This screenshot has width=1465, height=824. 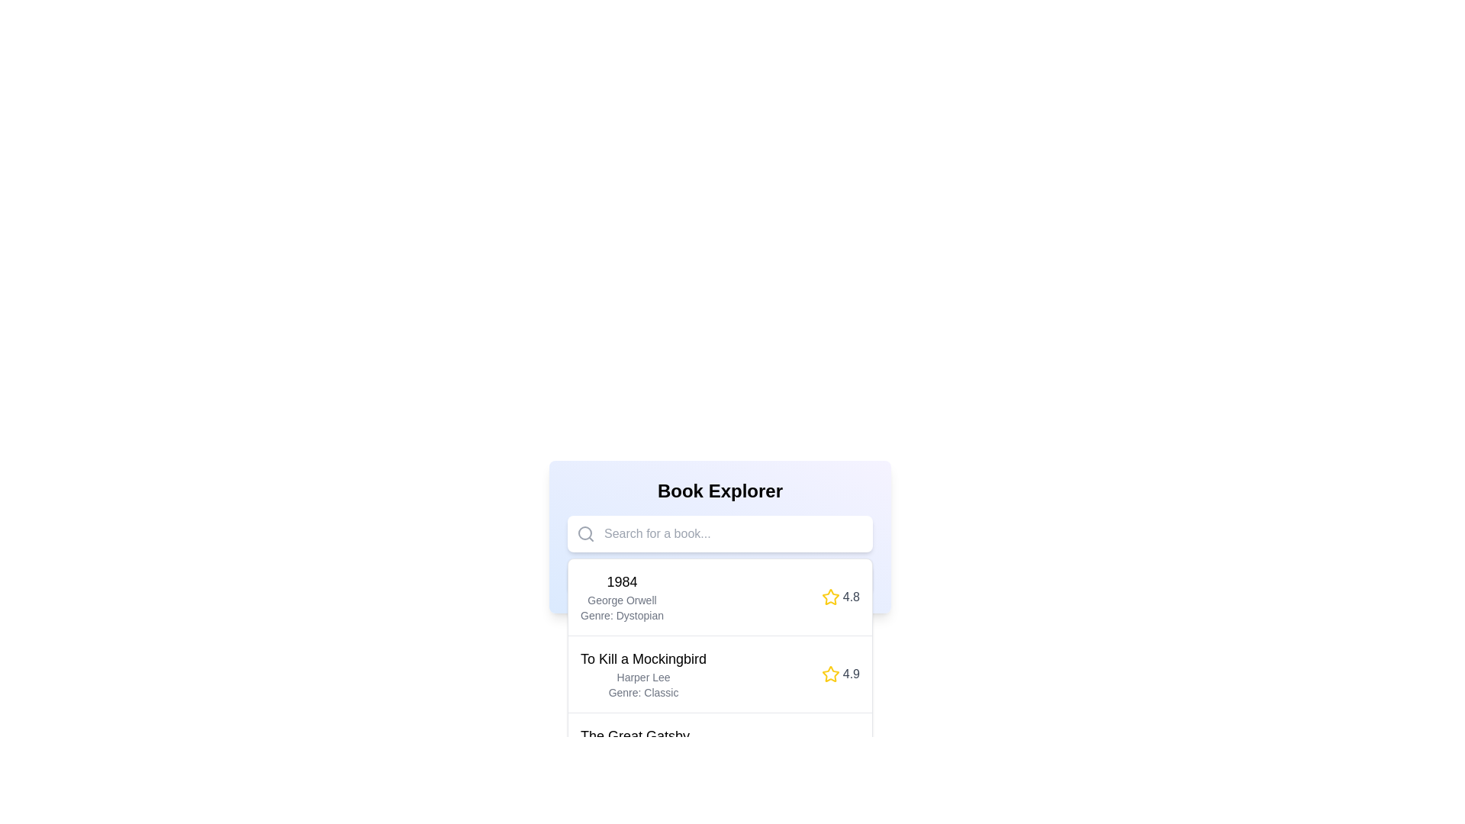 What do you see at coordinates (850, 673) in the screenshot?
I see `the text label displaying the numeric score for 'To Kill a Mockingbird', which is located to the right of the star rating icon and below the rating of '1984'` at bounding box center [850, 673].